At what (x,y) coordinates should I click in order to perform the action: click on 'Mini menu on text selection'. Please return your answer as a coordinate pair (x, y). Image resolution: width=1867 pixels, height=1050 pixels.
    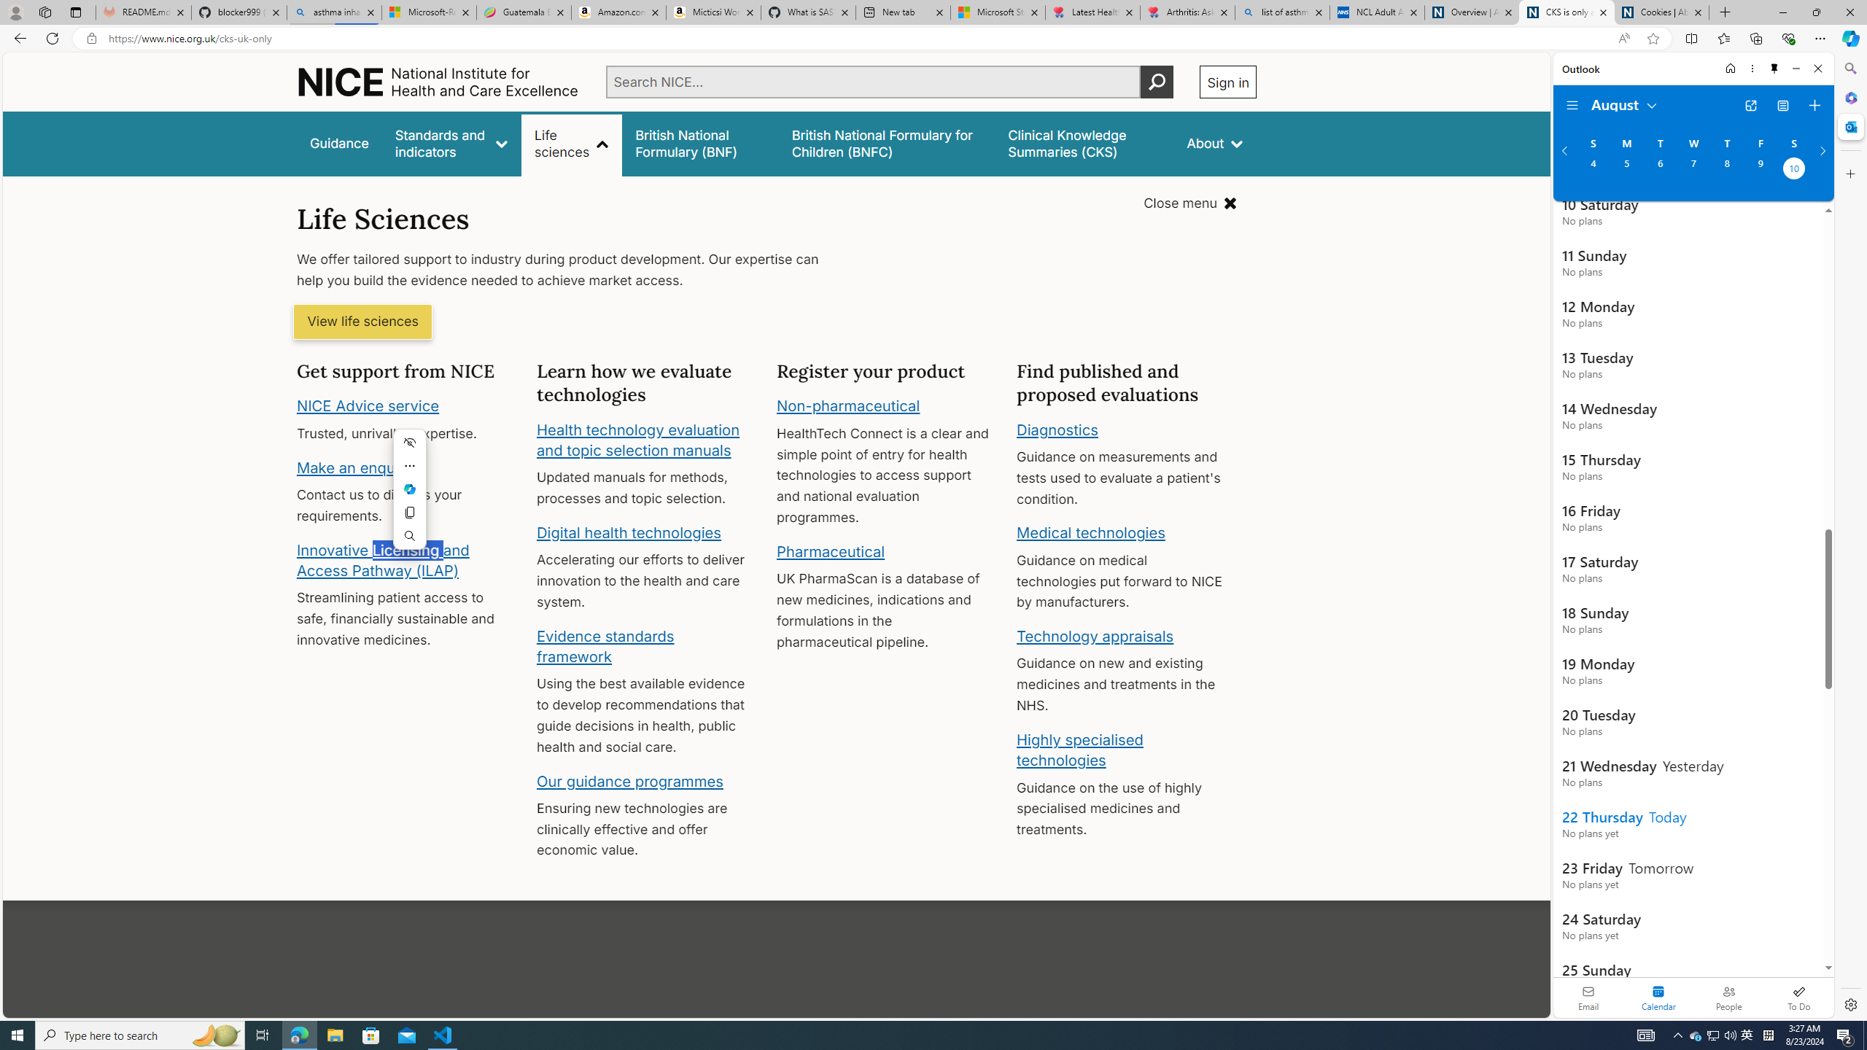
    Looking at the image, I should click on (408, 497).